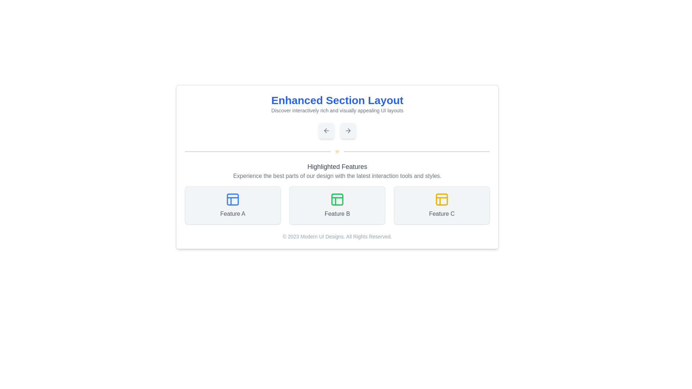 The width and height of the screenshot is (692, 389). Describe the element at coordinates (233, 205) in the screenshot. I see `text on the Informative card labeled 'Feature A', which is the first card in a grid layout` at that location.